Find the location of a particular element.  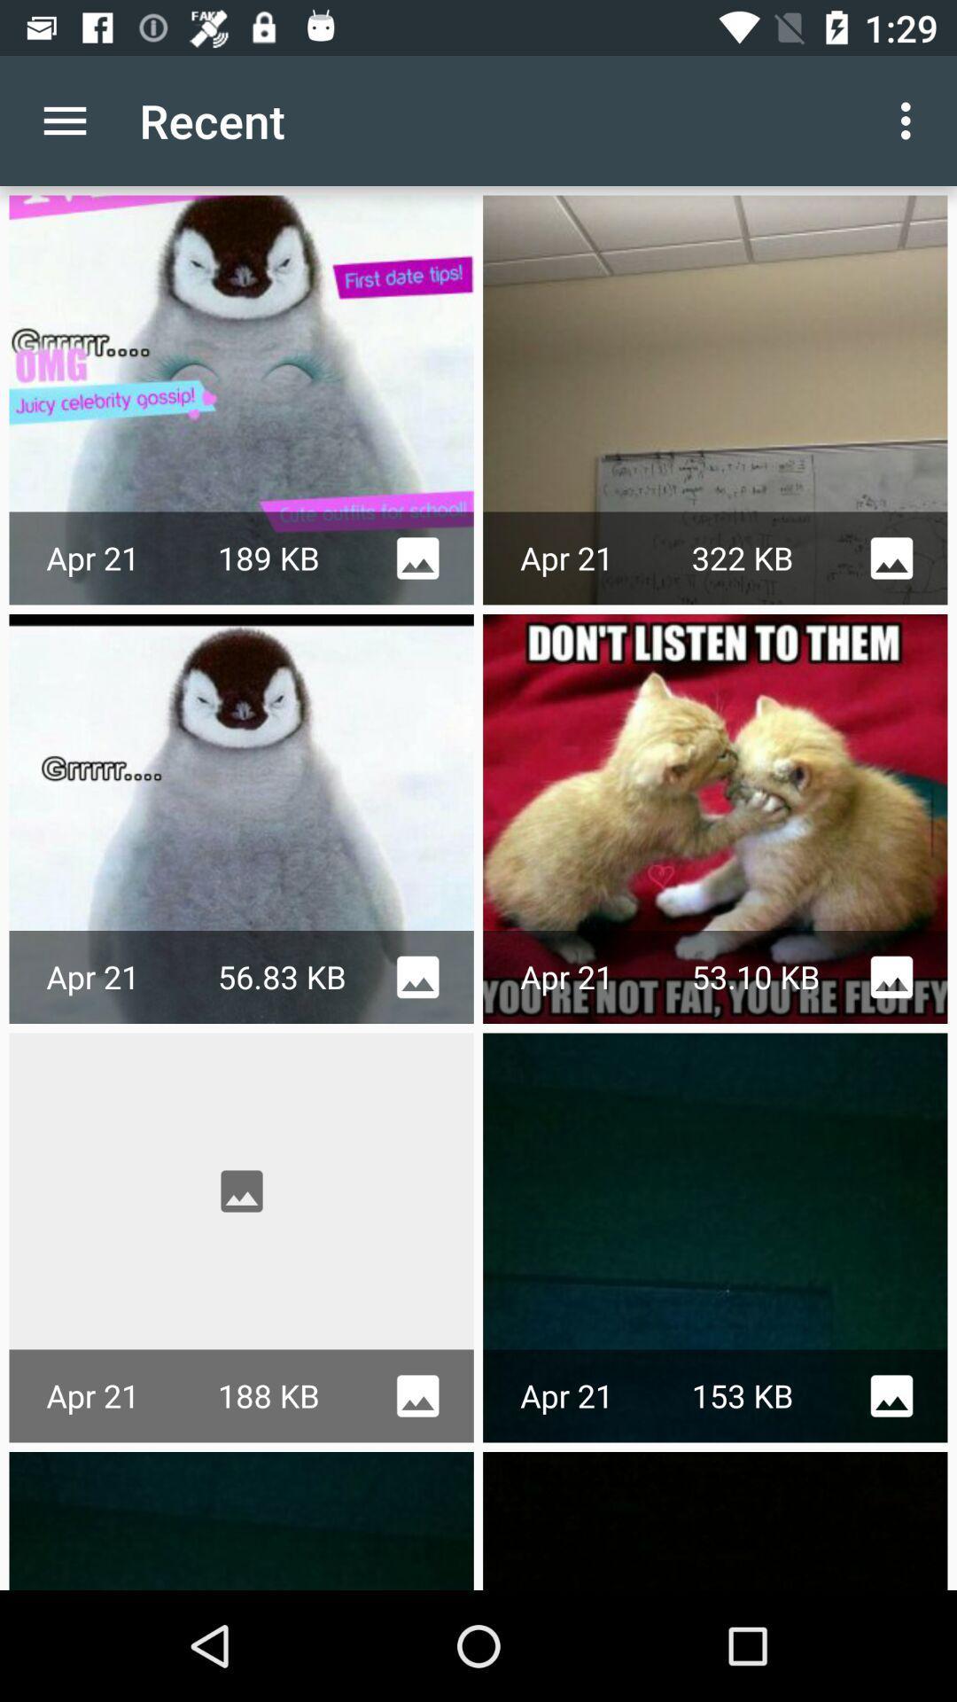

item next to the recent app is located at coordinates (64, 120).